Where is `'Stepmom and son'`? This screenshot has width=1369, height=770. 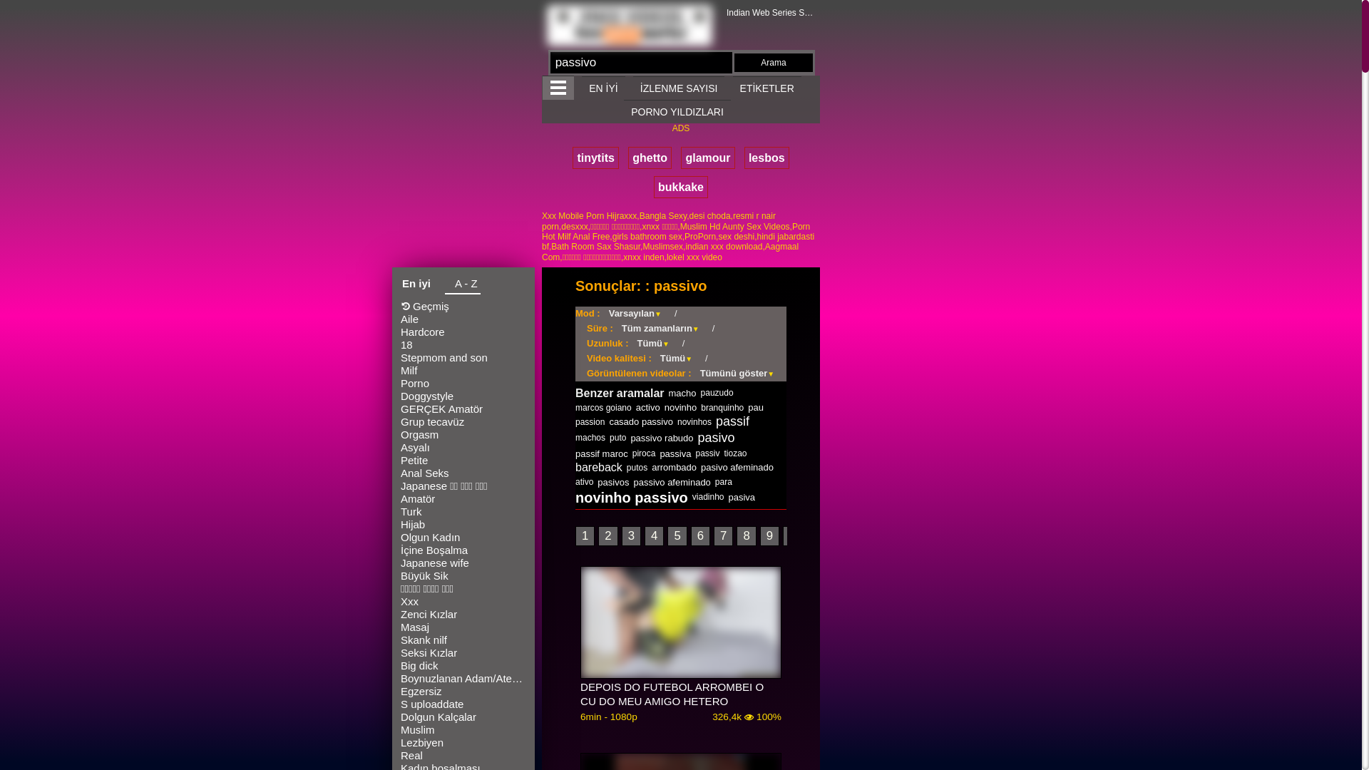
'Stepmom and son' is located at coordinates (463, 356).